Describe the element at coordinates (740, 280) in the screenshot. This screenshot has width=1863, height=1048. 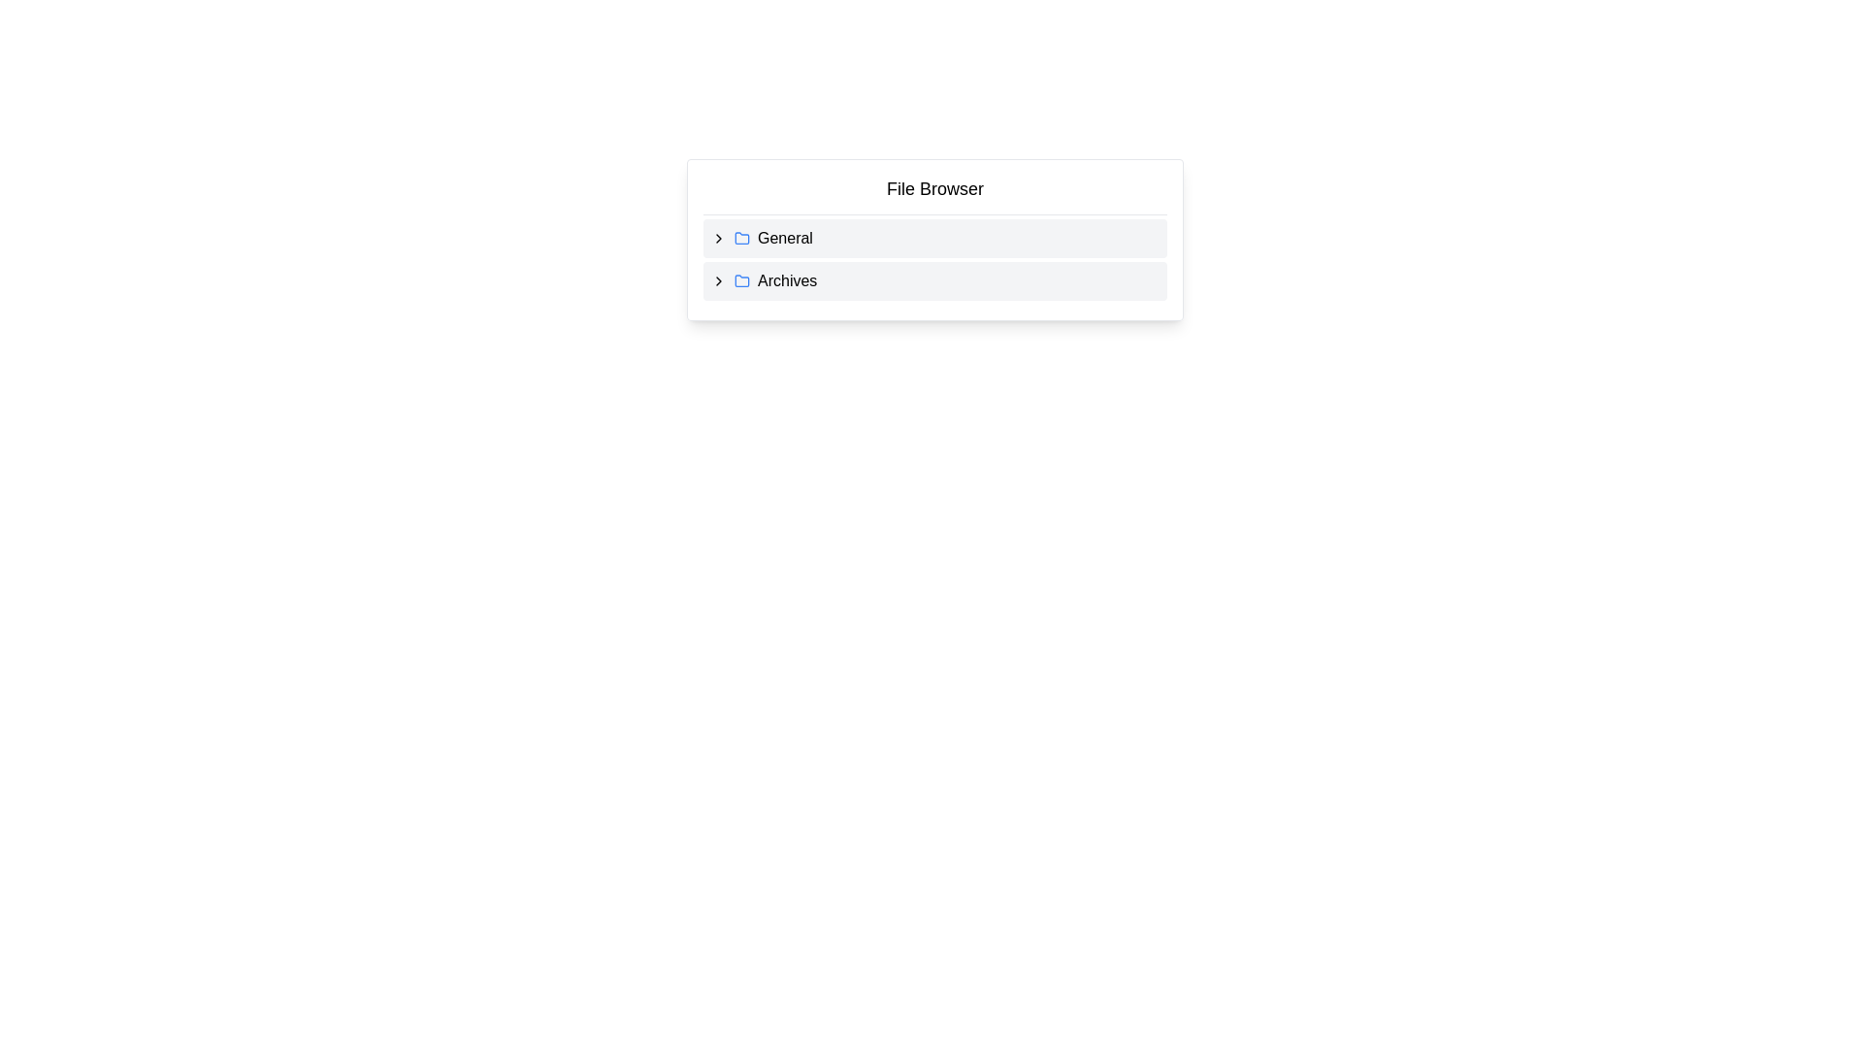
I see `the folder icon representing the 'Archives' label, located` at that location.